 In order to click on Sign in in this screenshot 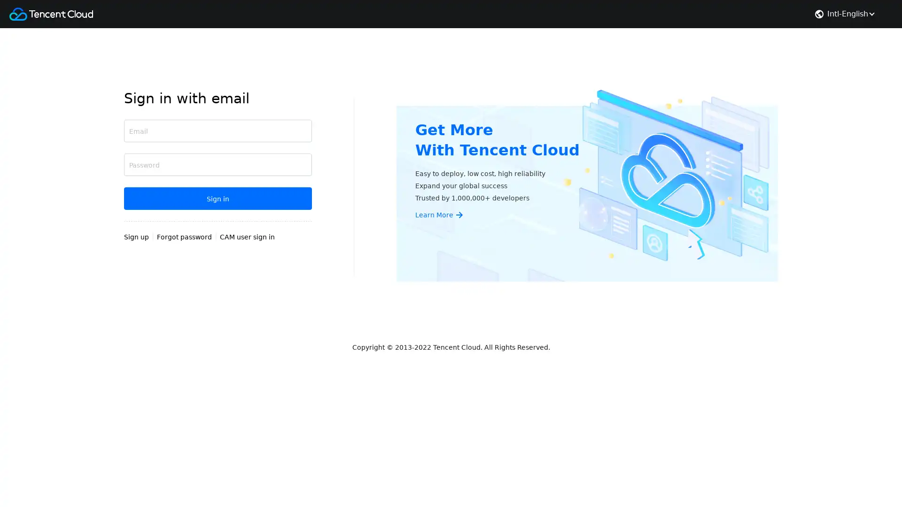, I will do `click(218, 198)`.